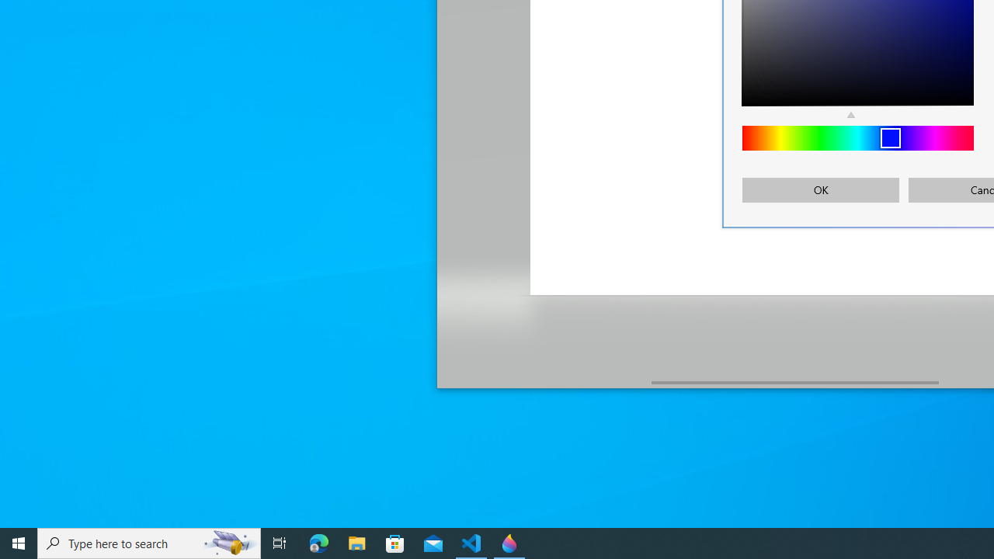 Image resolution: width=994 pixels, height=559 pixels. I want to click on 'Paint 3D - 1 running window', so click(509, 542).